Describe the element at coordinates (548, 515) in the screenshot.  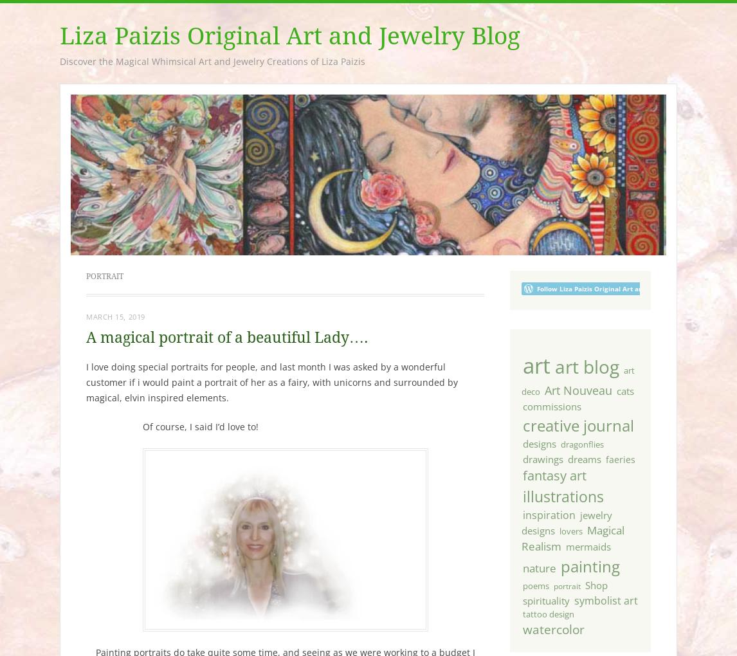
I see `'inspiration'` at that location.